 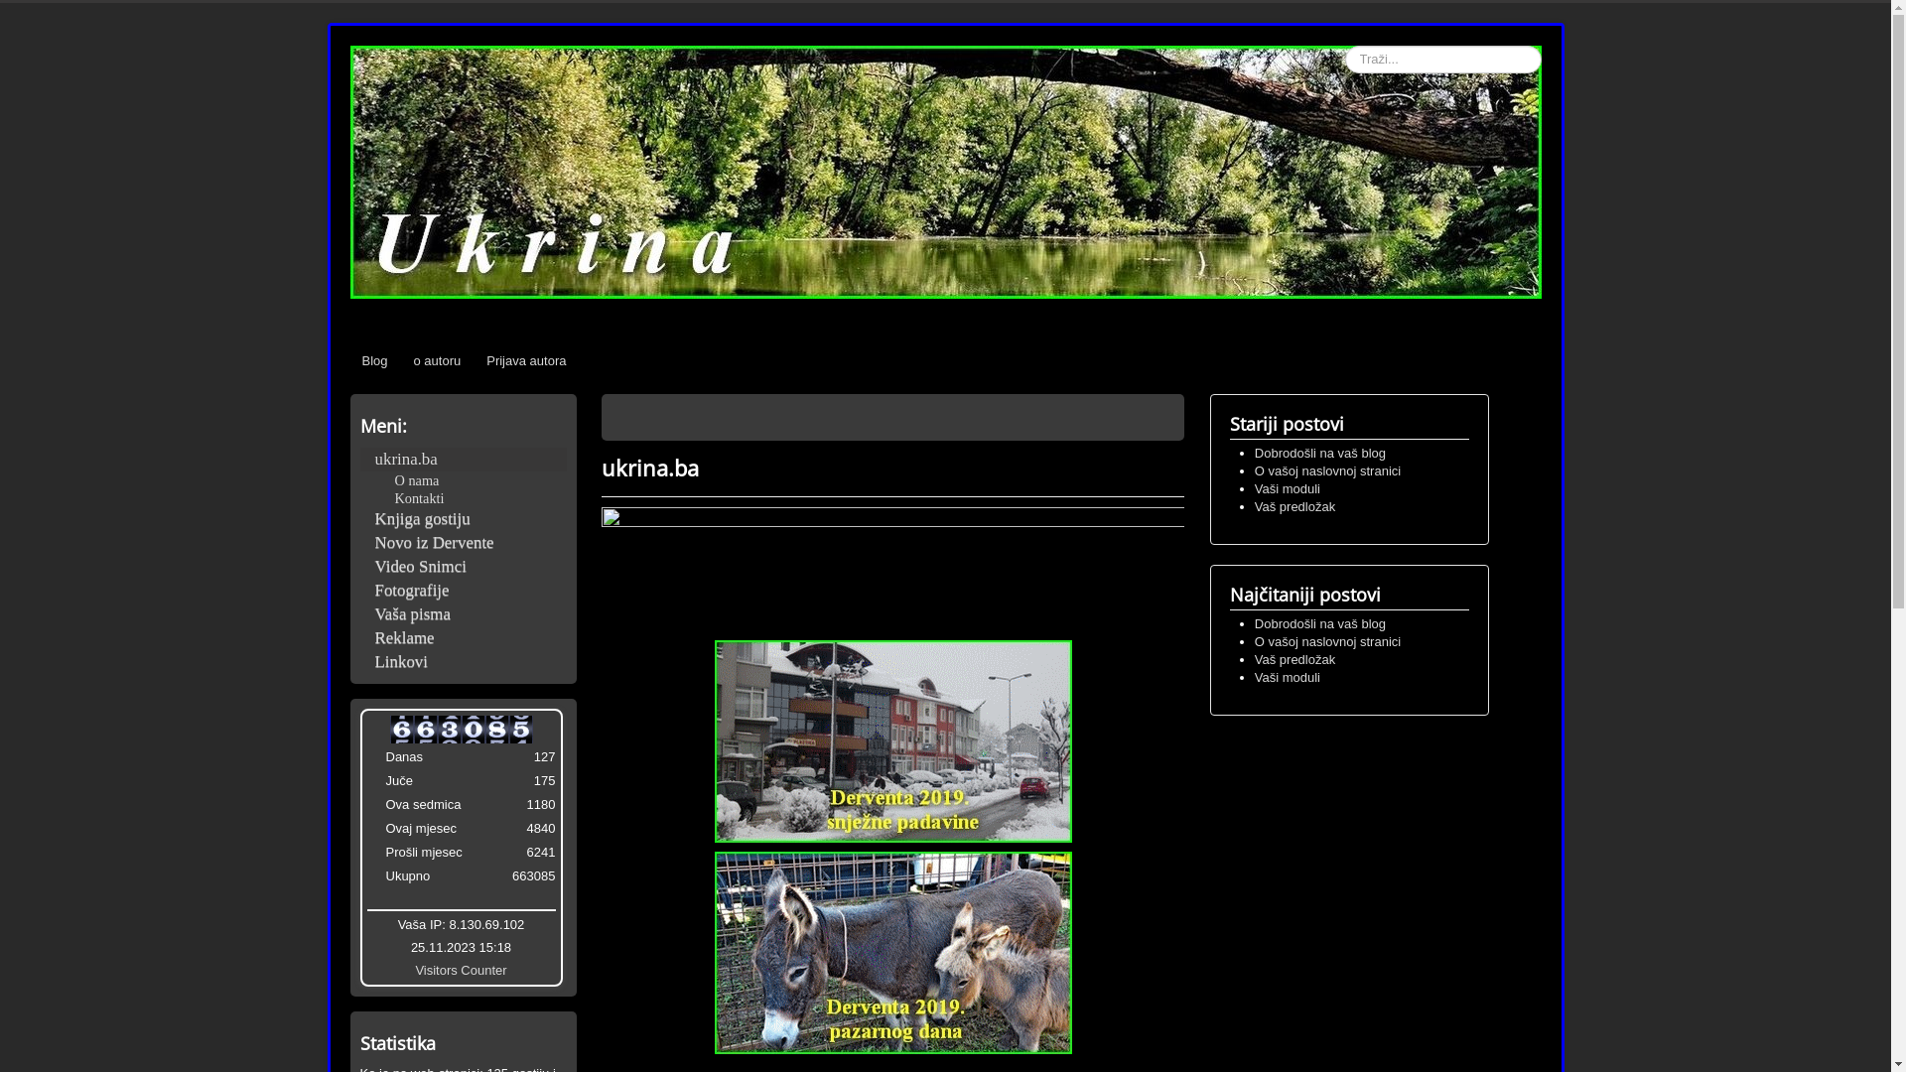 What do you see at coordinates (461, 566) in the screenshot?
I see `'Video Snimci'` at bounding box center [461, 566].